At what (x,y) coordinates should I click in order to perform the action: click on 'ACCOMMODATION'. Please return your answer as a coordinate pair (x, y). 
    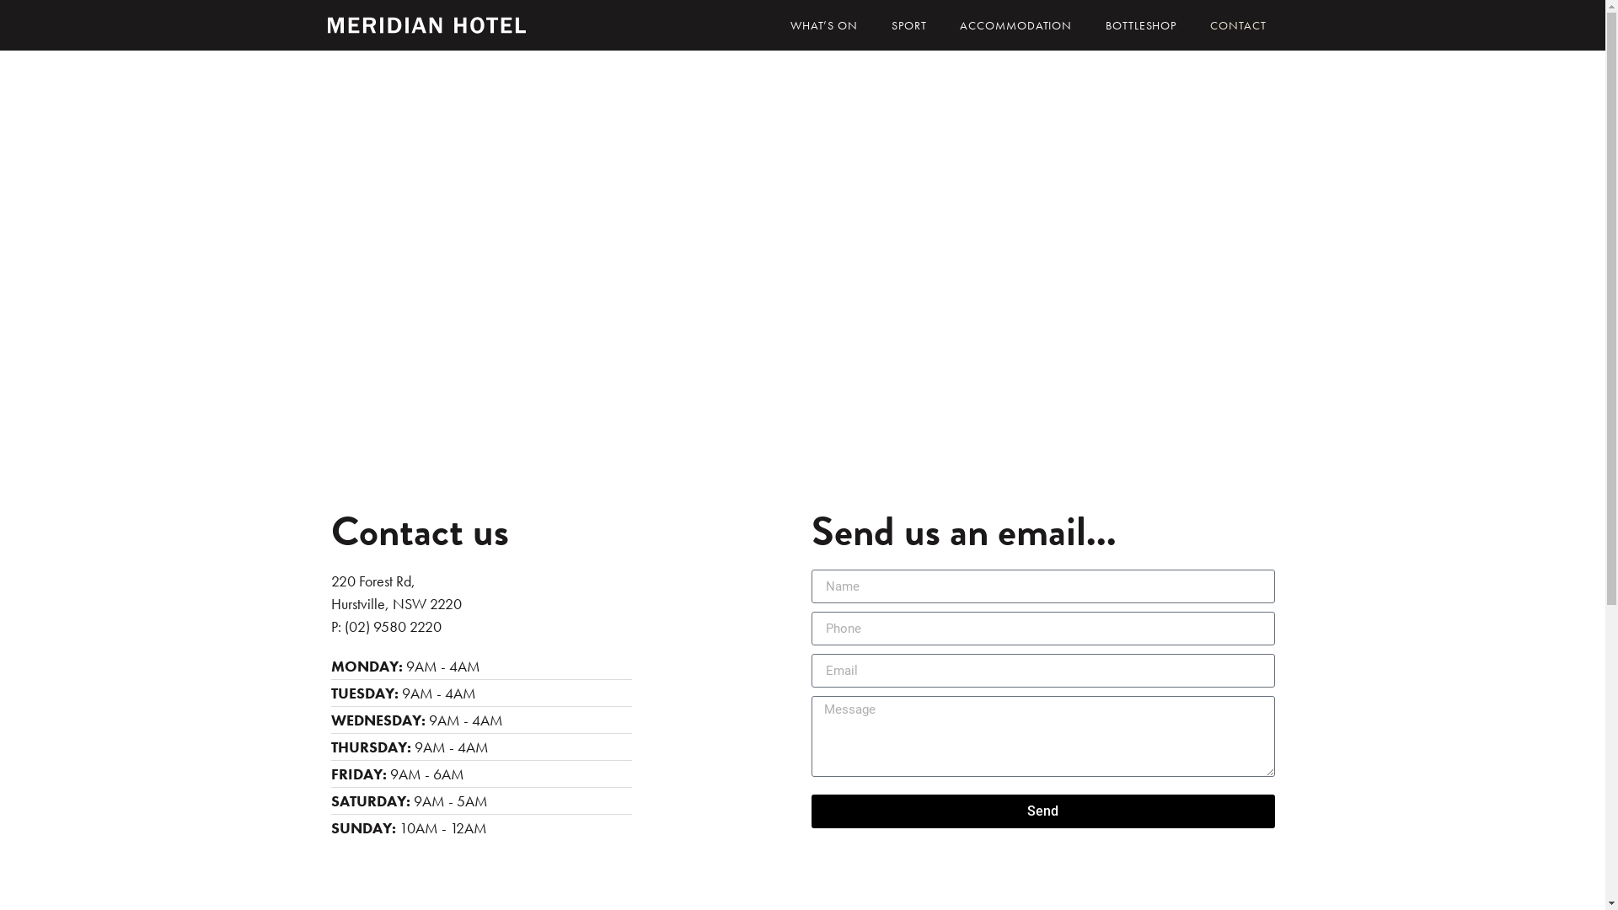
    Looking at the image, I should click on (1015, 25).